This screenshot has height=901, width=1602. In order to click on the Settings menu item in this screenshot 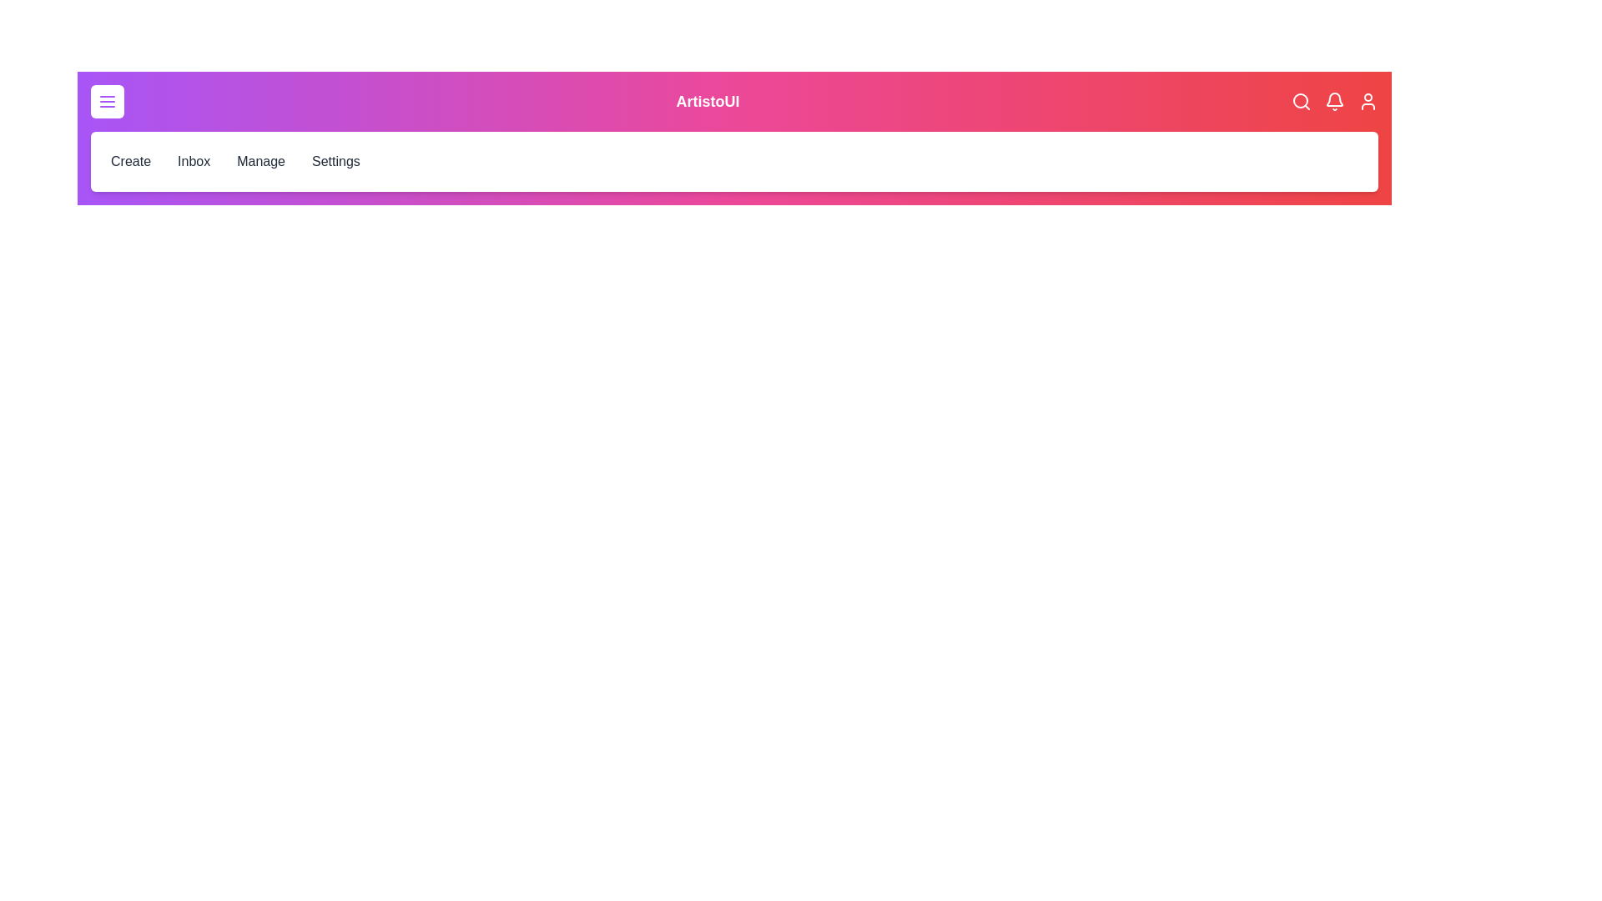, I will do `click(335, 161)`.